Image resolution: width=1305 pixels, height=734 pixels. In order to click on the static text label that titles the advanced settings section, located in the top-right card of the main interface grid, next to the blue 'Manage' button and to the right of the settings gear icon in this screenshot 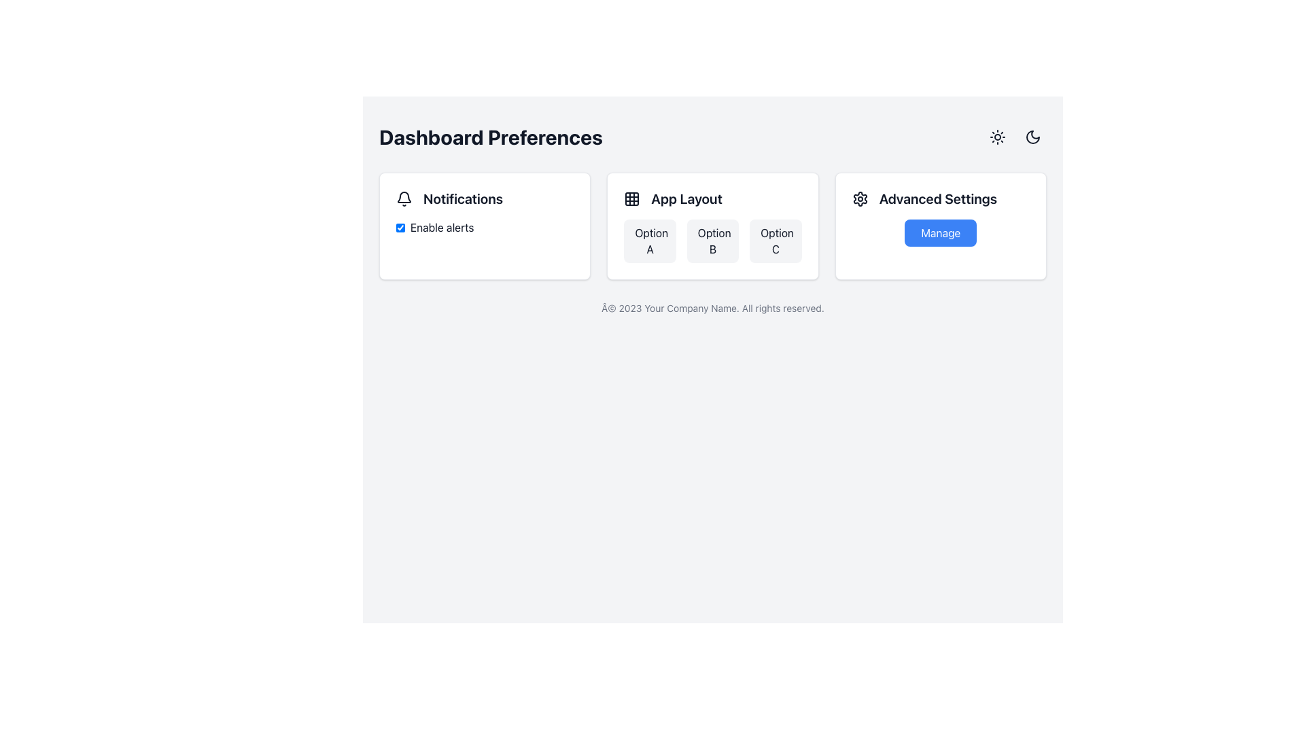, I will do `click(937, 199)`.